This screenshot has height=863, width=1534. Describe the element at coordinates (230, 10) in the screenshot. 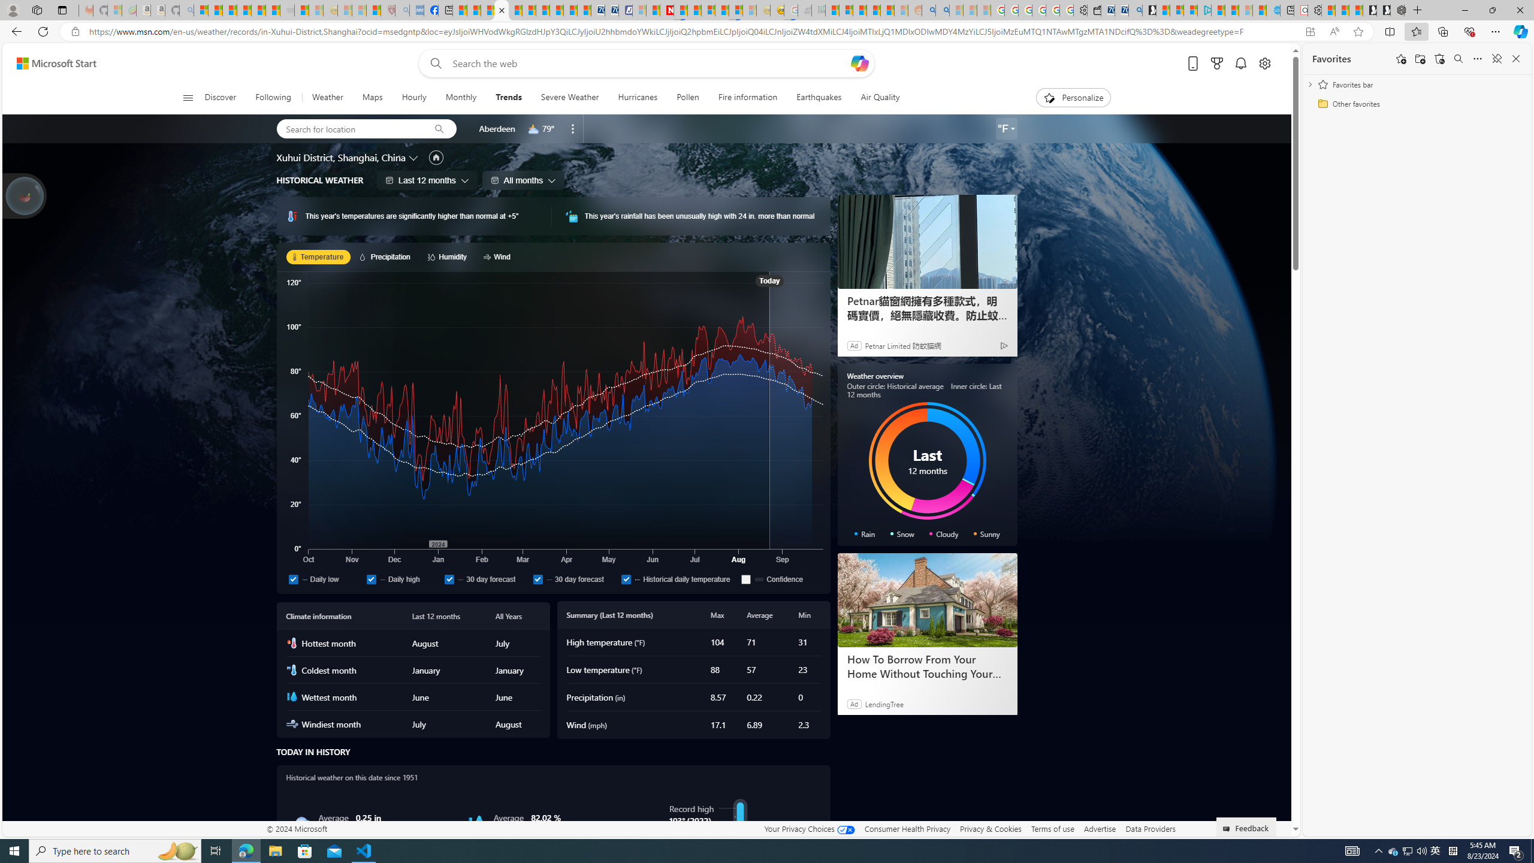

I see `'The Weather Channel - MSN'` at that location.